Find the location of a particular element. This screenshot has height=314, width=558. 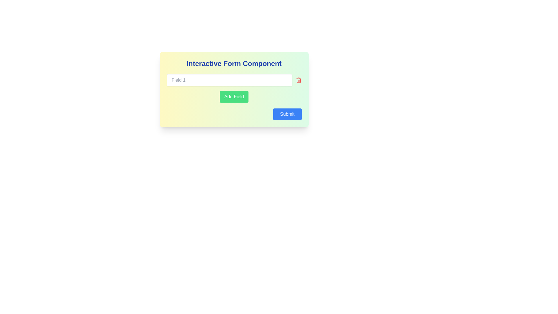

the 'Add Field' button with a green background and white text, located beneath 'Field 1', to bring it into view is located at coordinates (234, 96).